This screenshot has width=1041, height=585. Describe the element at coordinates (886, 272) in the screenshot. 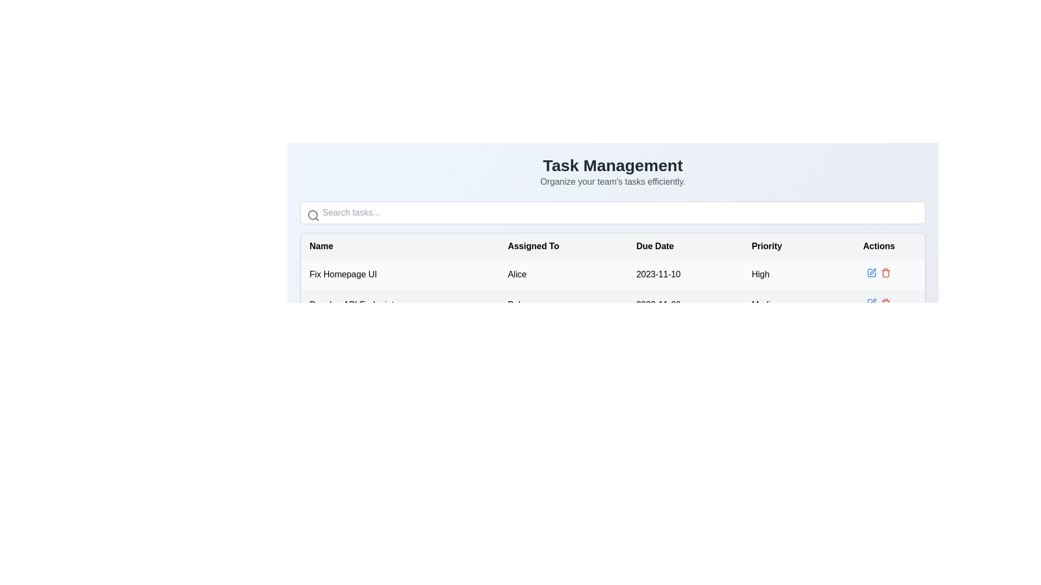

I see `the red trash bin icon located in the 'Actions' column of the task management table for the task 'Fix Homepage UI' to trigger the hover effect that darkens its color` at that location.